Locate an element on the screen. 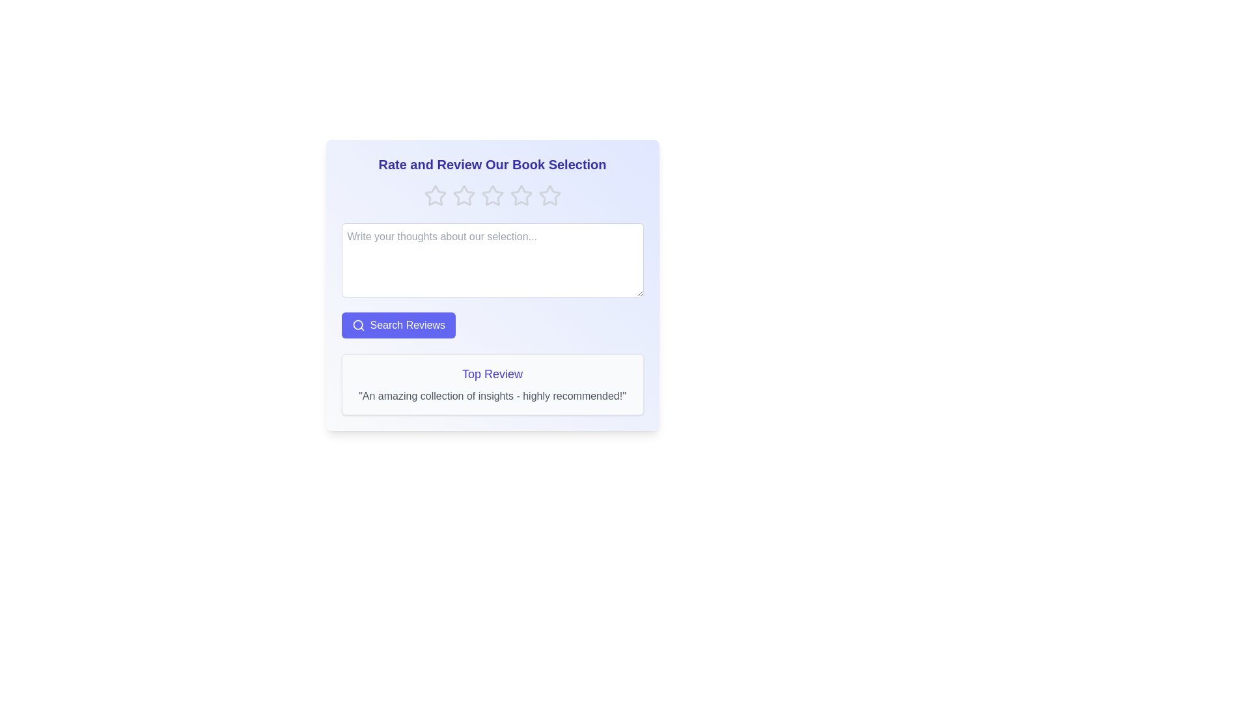 The width and height of the screenshot is (1250, 703). the rating to 5 stars by clicking the corresponding star is located at coordinates (549, 195).